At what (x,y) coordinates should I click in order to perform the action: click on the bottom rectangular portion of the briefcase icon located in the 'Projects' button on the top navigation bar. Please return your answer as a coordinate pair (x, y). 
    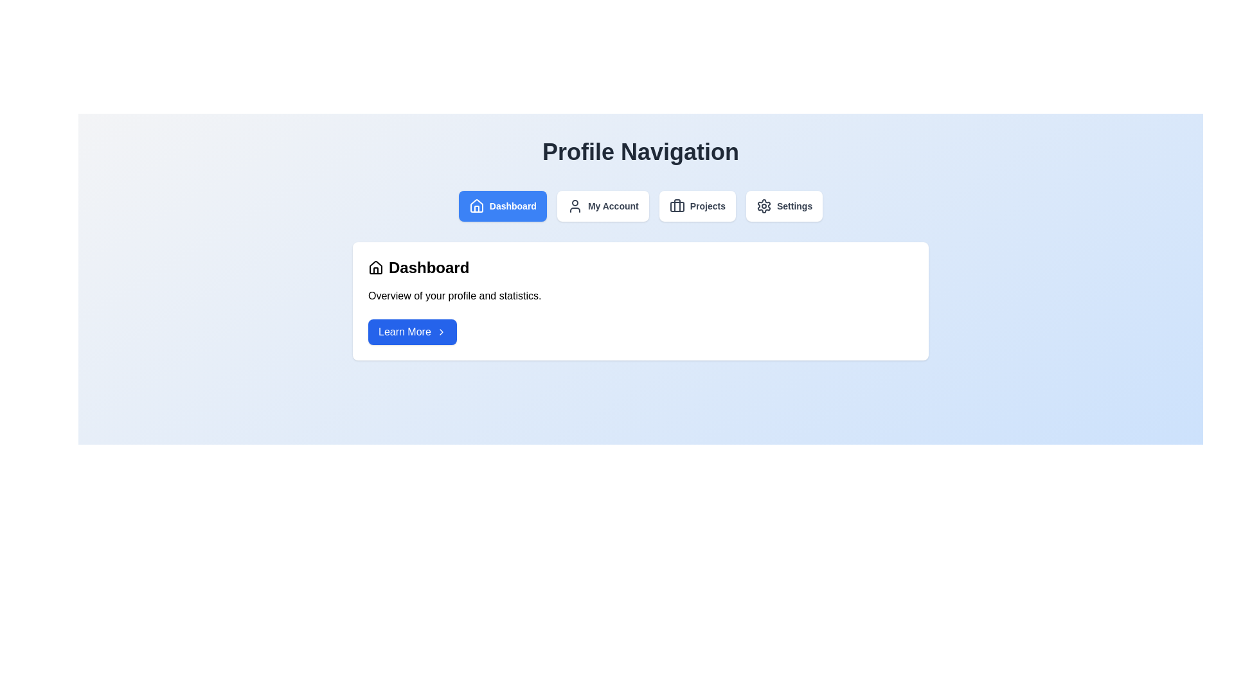
    Looking at the image, I should click on (676, 206).